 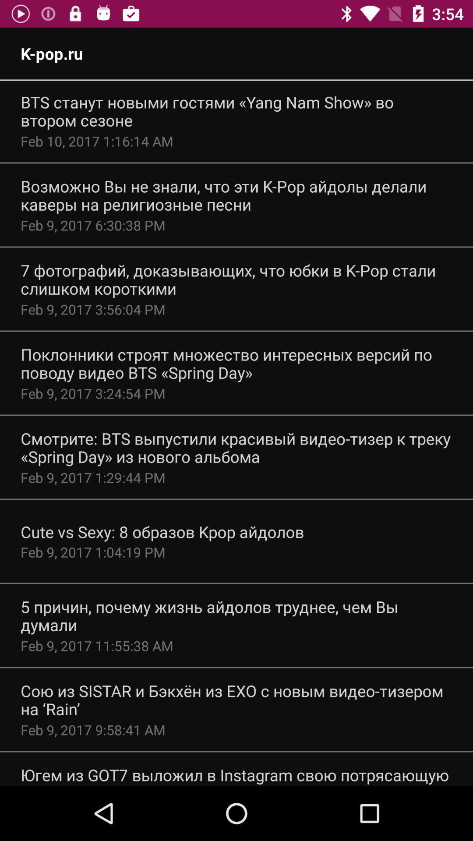 I want to click on cute vs sexy, so click(x=162, y=531).